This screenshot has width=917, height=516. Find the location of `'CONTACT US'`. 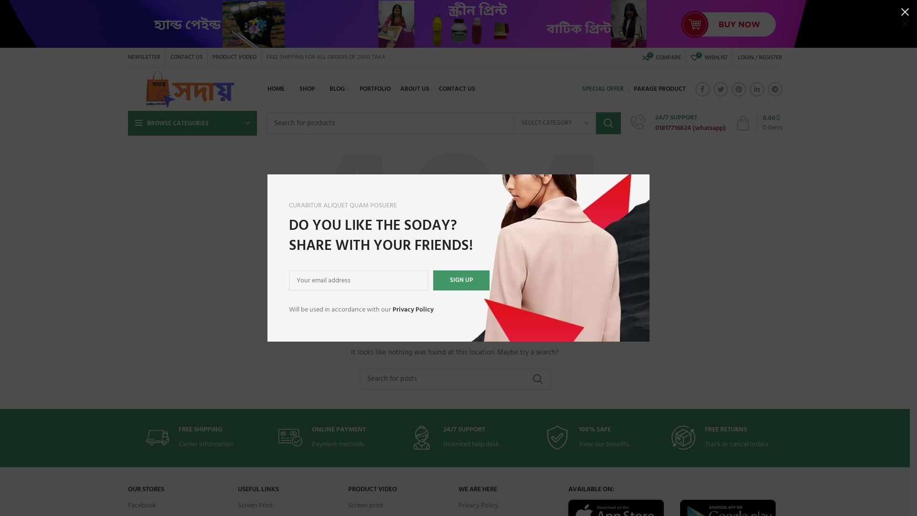

'CONTACT US' is located at coordinates (186, 57).